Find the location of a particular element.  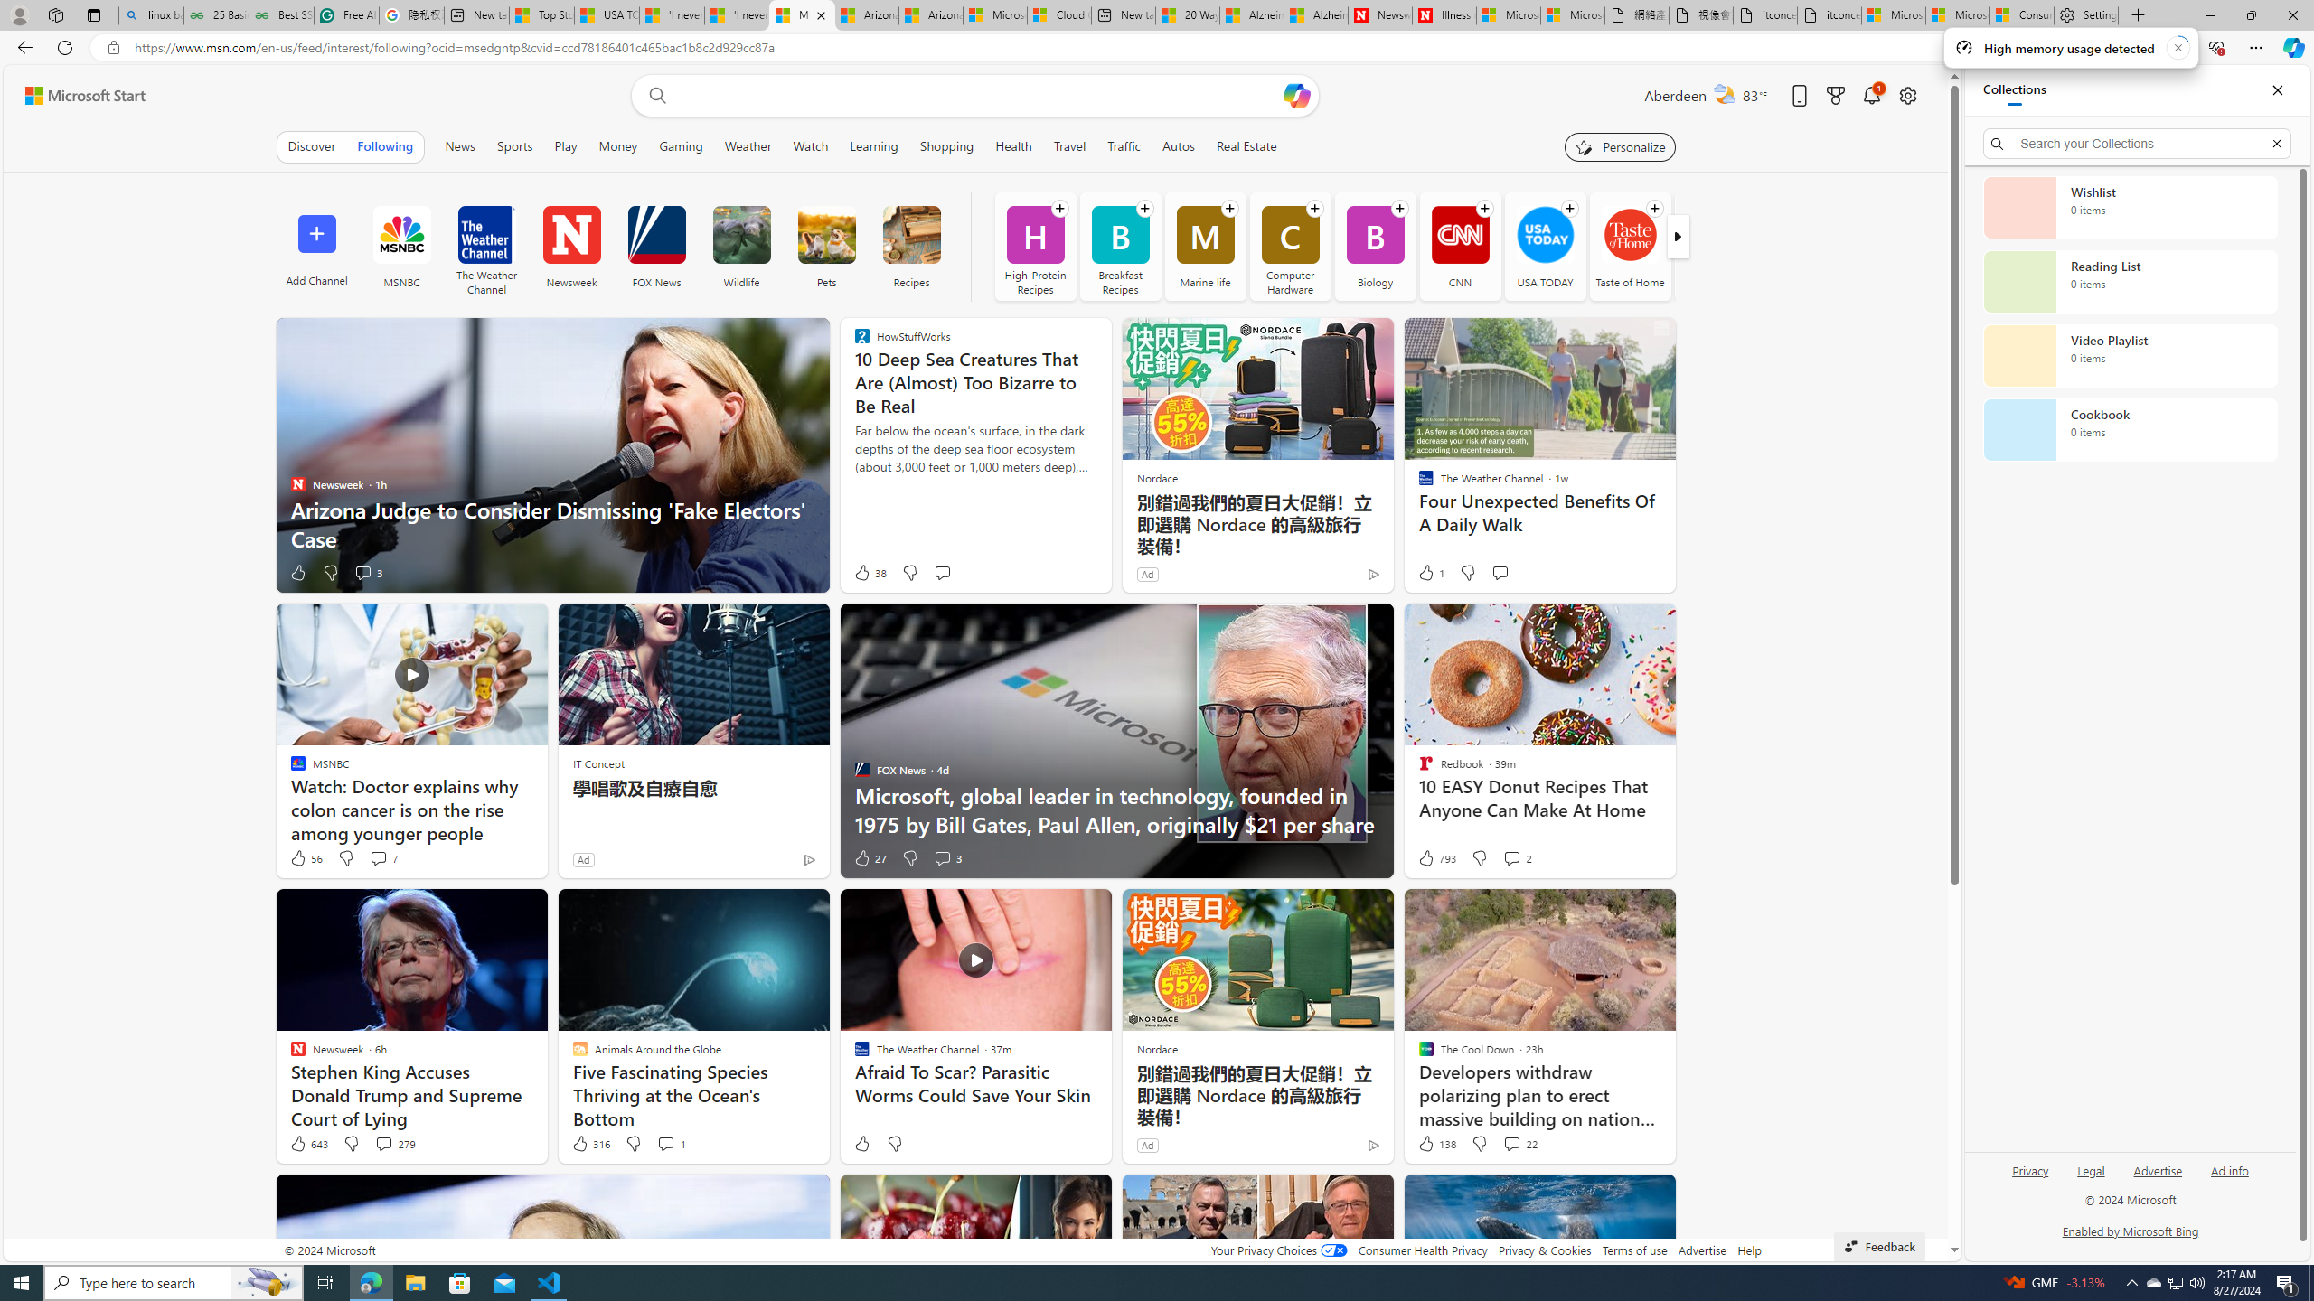

'Shopping' is located at coordinates (946, 145).